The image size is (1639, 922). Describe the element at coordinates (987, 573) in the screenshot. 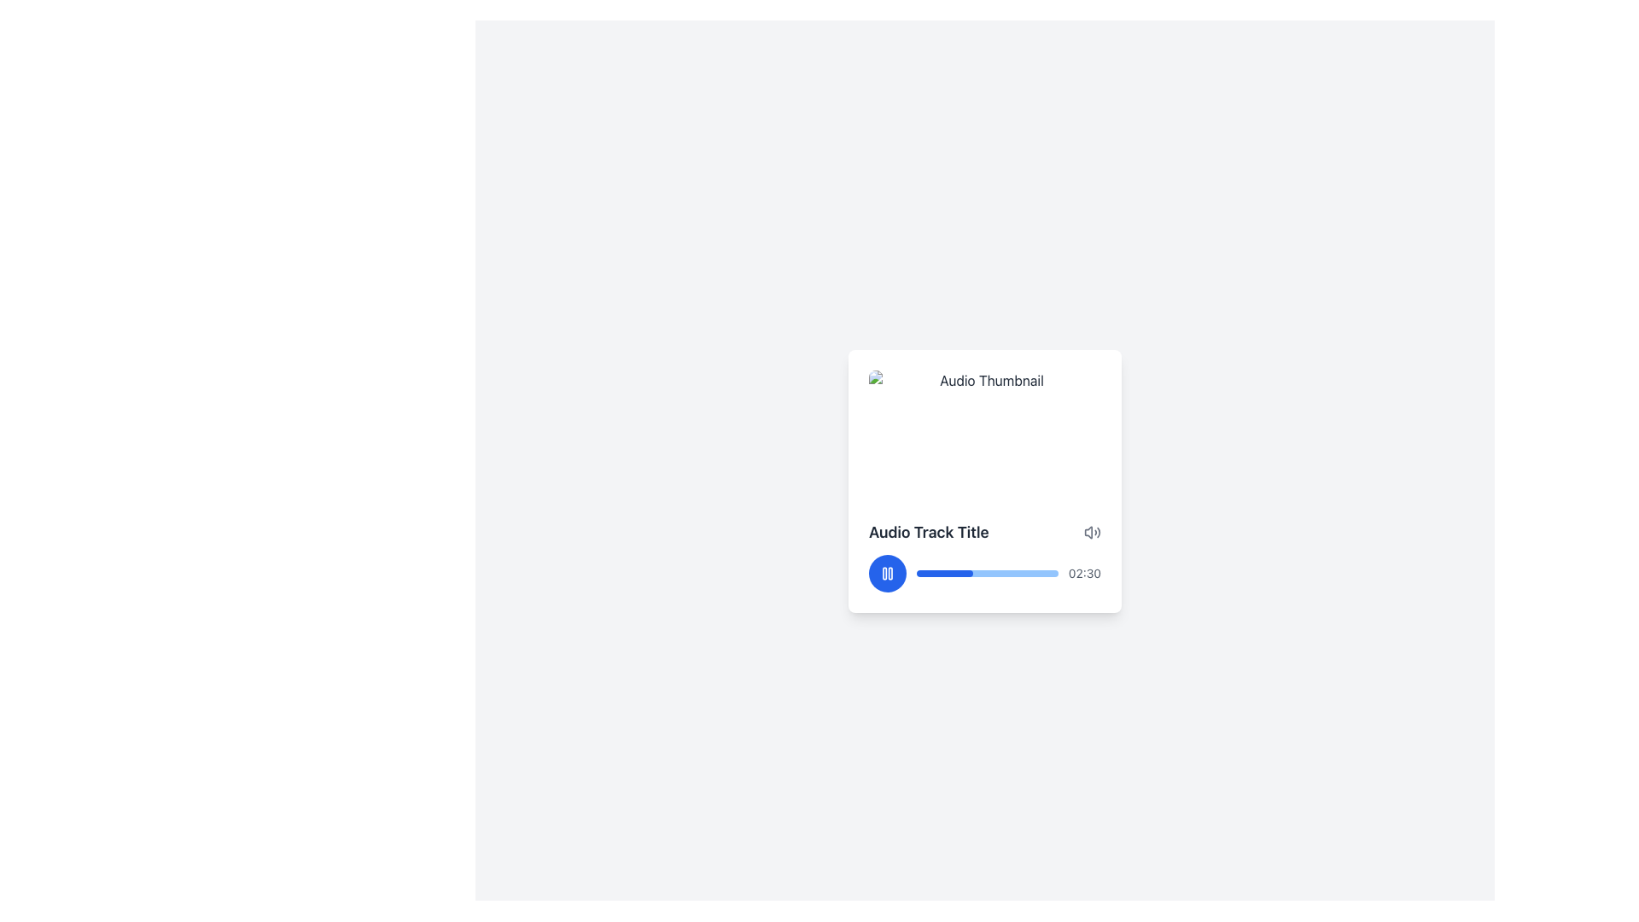

I see `the progress bar located within the audio player interface, situated below the 'Audio Track Title', between the circular blue play button and the time information '02:30'` at that location.